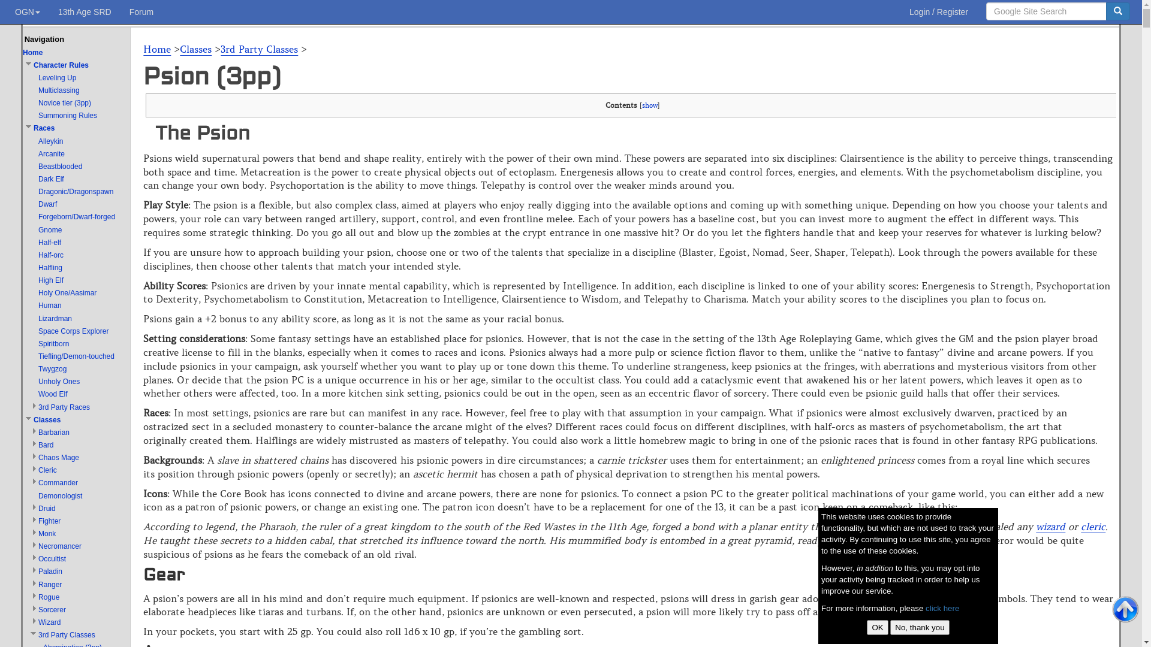 The height and width of the screenshot is (647, 1151). What do you see at coordinates (34, 128) in the screenshot?
I see `'Races'` at bounding box center [34, 128].